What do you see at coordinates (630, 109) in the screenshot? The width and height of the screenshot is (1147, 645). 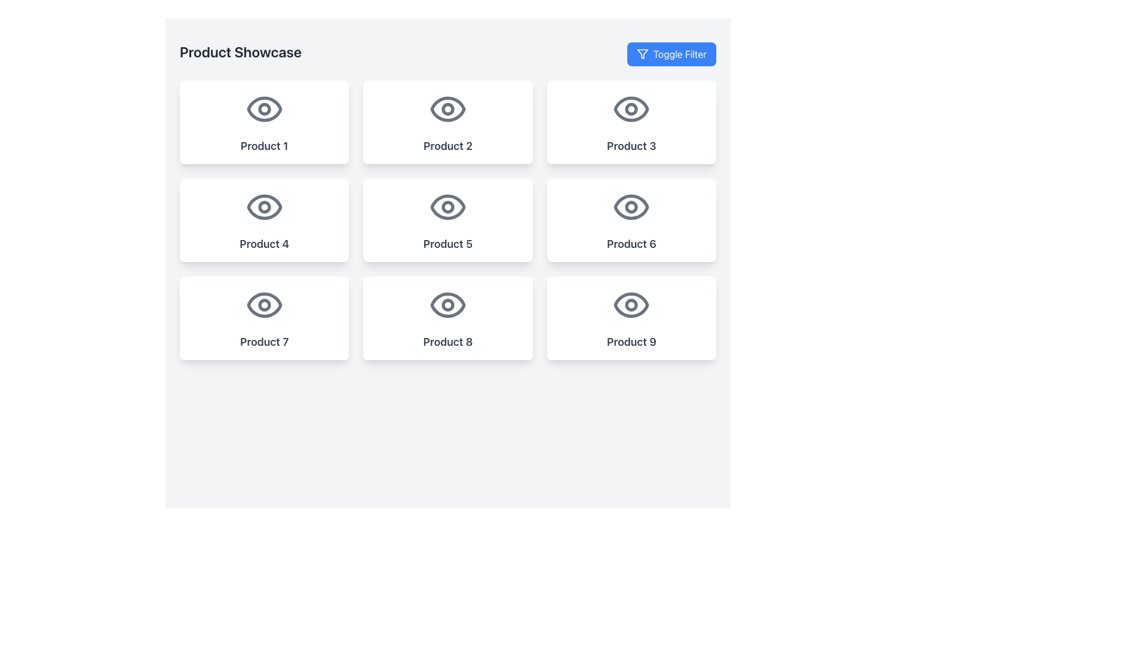 I see `the eye icon located at the top of the 'Product 3' card` at bounding box center [630, 109].